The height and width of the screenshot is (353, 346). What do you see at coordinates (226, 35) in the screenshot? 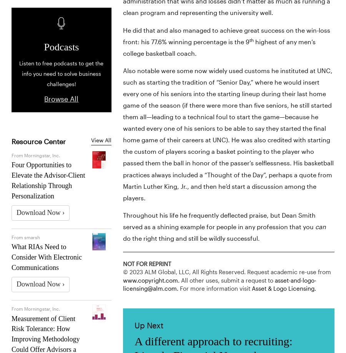
I see `'He did that and also managed to achieve great success on the win-loss front: his 77.6% winning percentage is the 9'` at bounding box center [226, 35].